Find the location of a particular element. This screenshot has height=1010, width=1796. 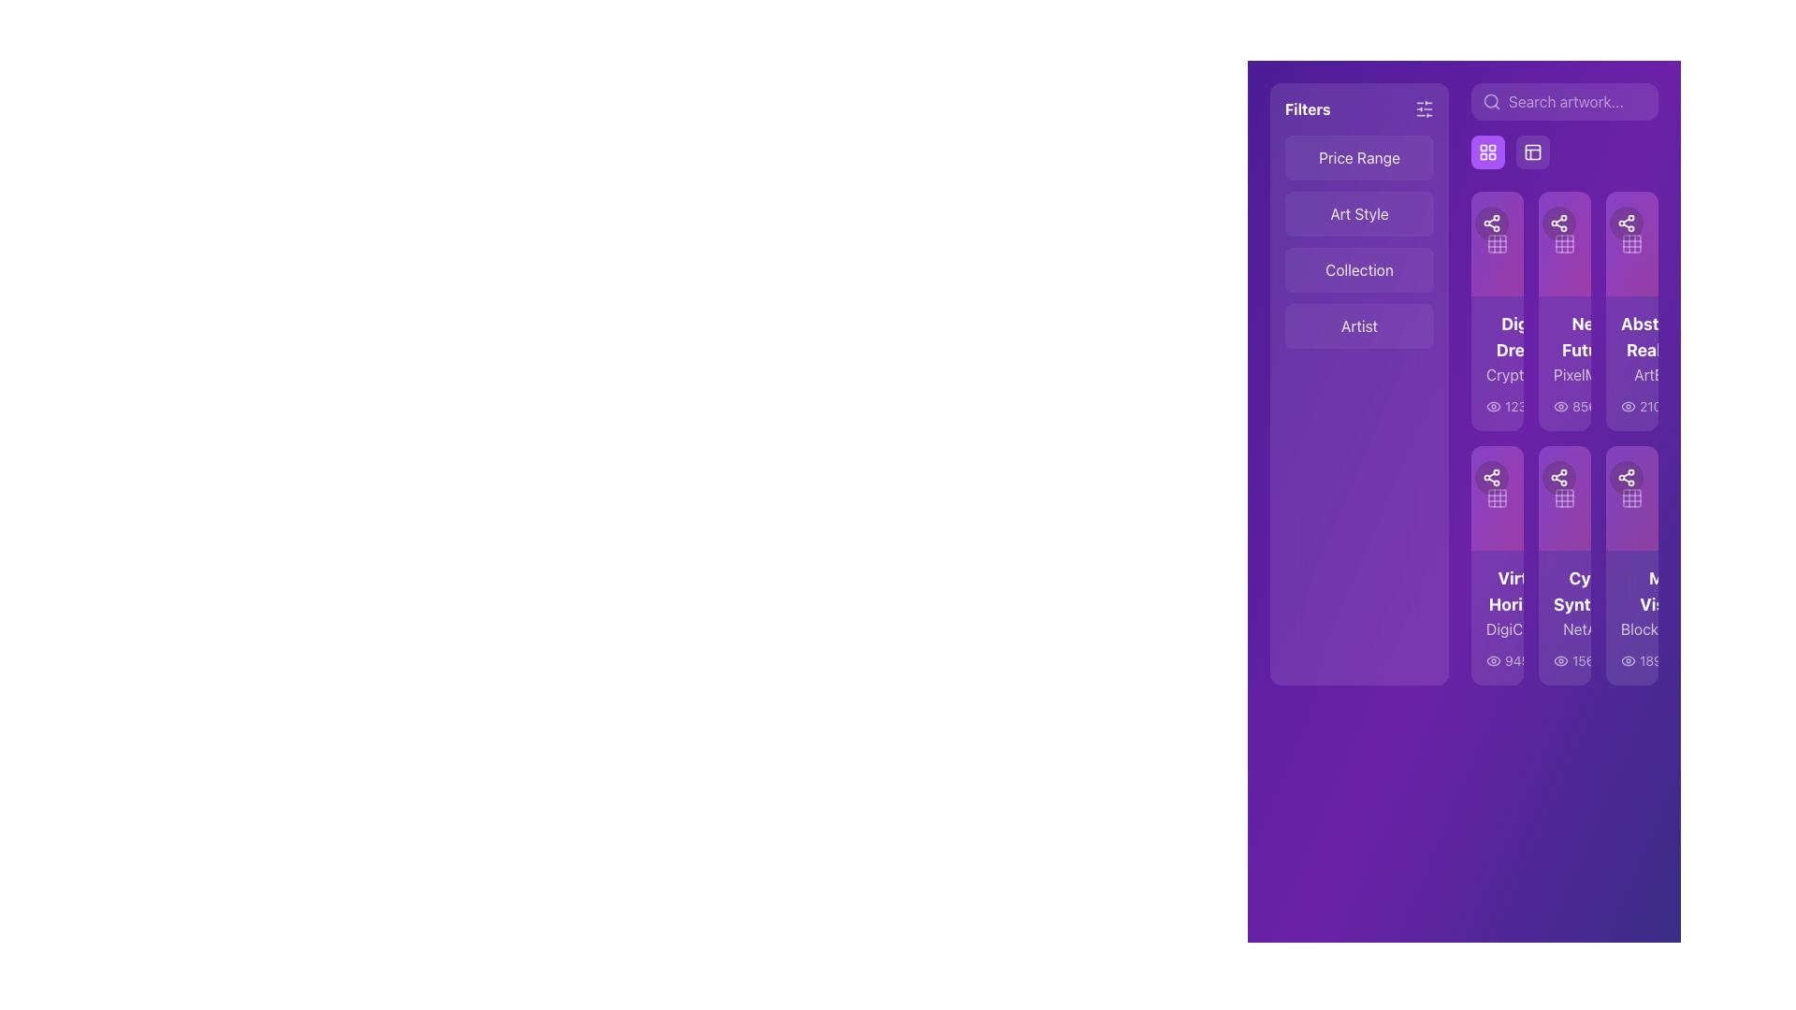

the numeric label displaying '123' in light text on a deep purple background, positioned next to an eye icon is located at coordinates (1630, 659).